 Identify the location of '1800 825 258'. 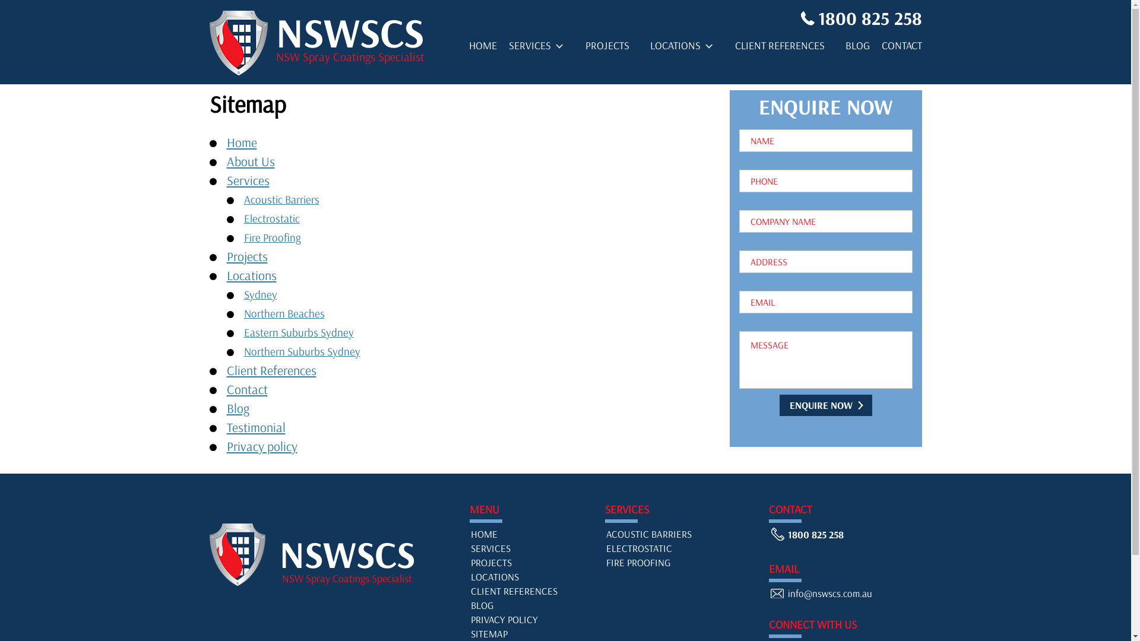
(806, 535).